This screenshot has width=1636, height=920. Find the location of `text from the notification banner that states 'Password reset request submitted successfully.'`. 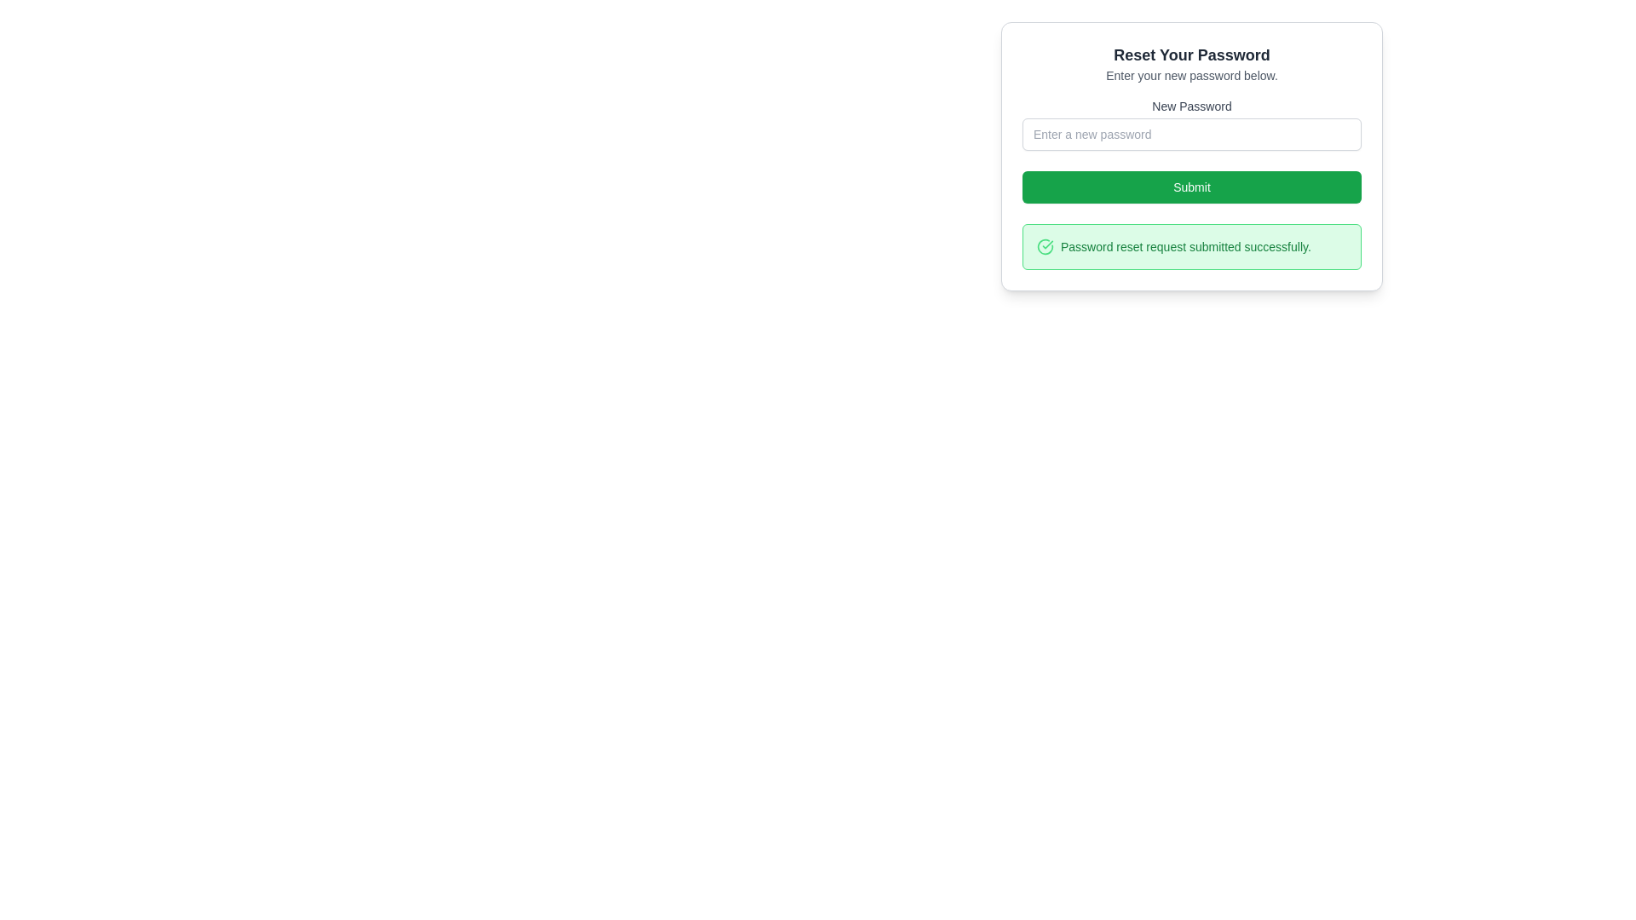

text from the notification banner that states 'Password reset request submitted successfully.' is located at coordinates (1190, 246).